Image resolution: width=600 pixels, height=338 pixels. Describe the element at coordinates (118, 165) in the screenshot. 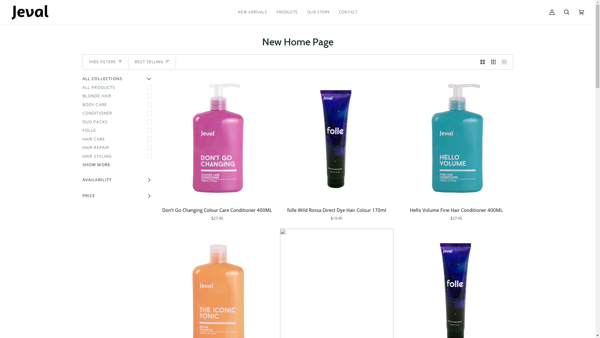

I see `'SHOW MORE'` at that location.